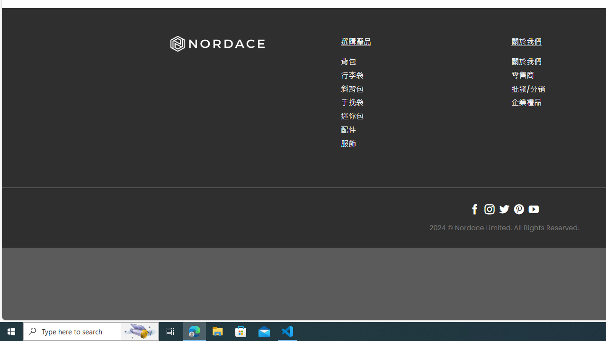  What do you see at coordinates (503, 208) in the screenshot?
I see `'Follow on Twitter'` at bounding box center [503, 208].